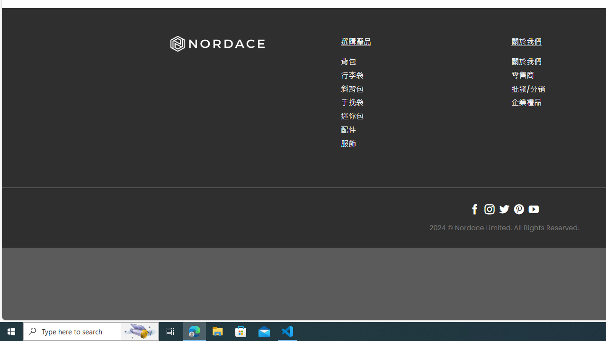  What do you see at coordinates (503, 208) in the screenshot?
I see `'Follow on Twitter'` at bounding box center [503, 208].